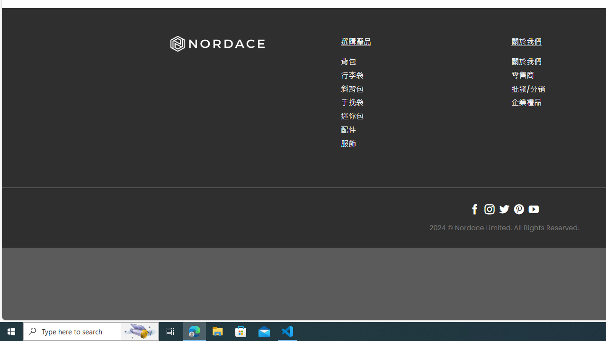  What do you see at coordinates (503, 208) in the screenshot?
I see `'Follow on Twitter'` at bounding box center [503, 208].